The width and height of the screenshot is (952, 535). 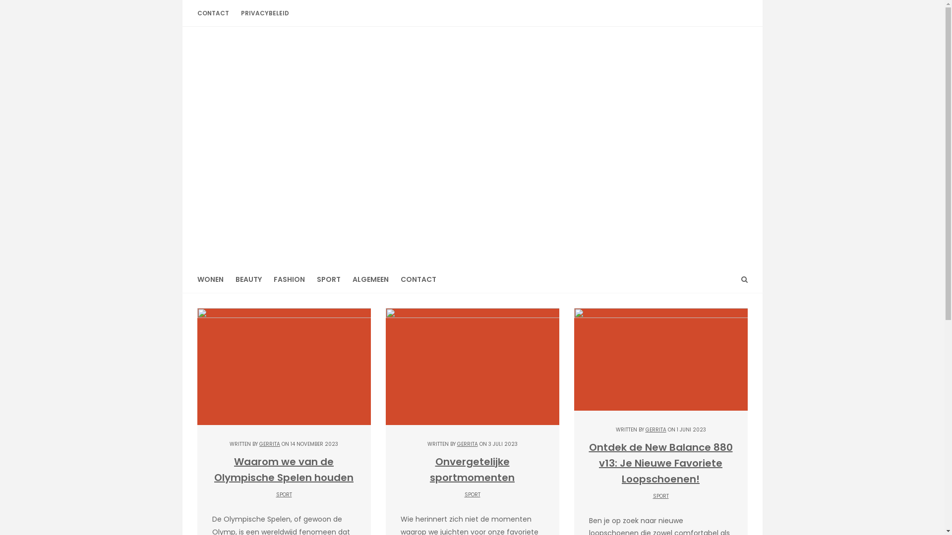 I want to click on 'ALGEMEEN', so click(x=369, y=279).